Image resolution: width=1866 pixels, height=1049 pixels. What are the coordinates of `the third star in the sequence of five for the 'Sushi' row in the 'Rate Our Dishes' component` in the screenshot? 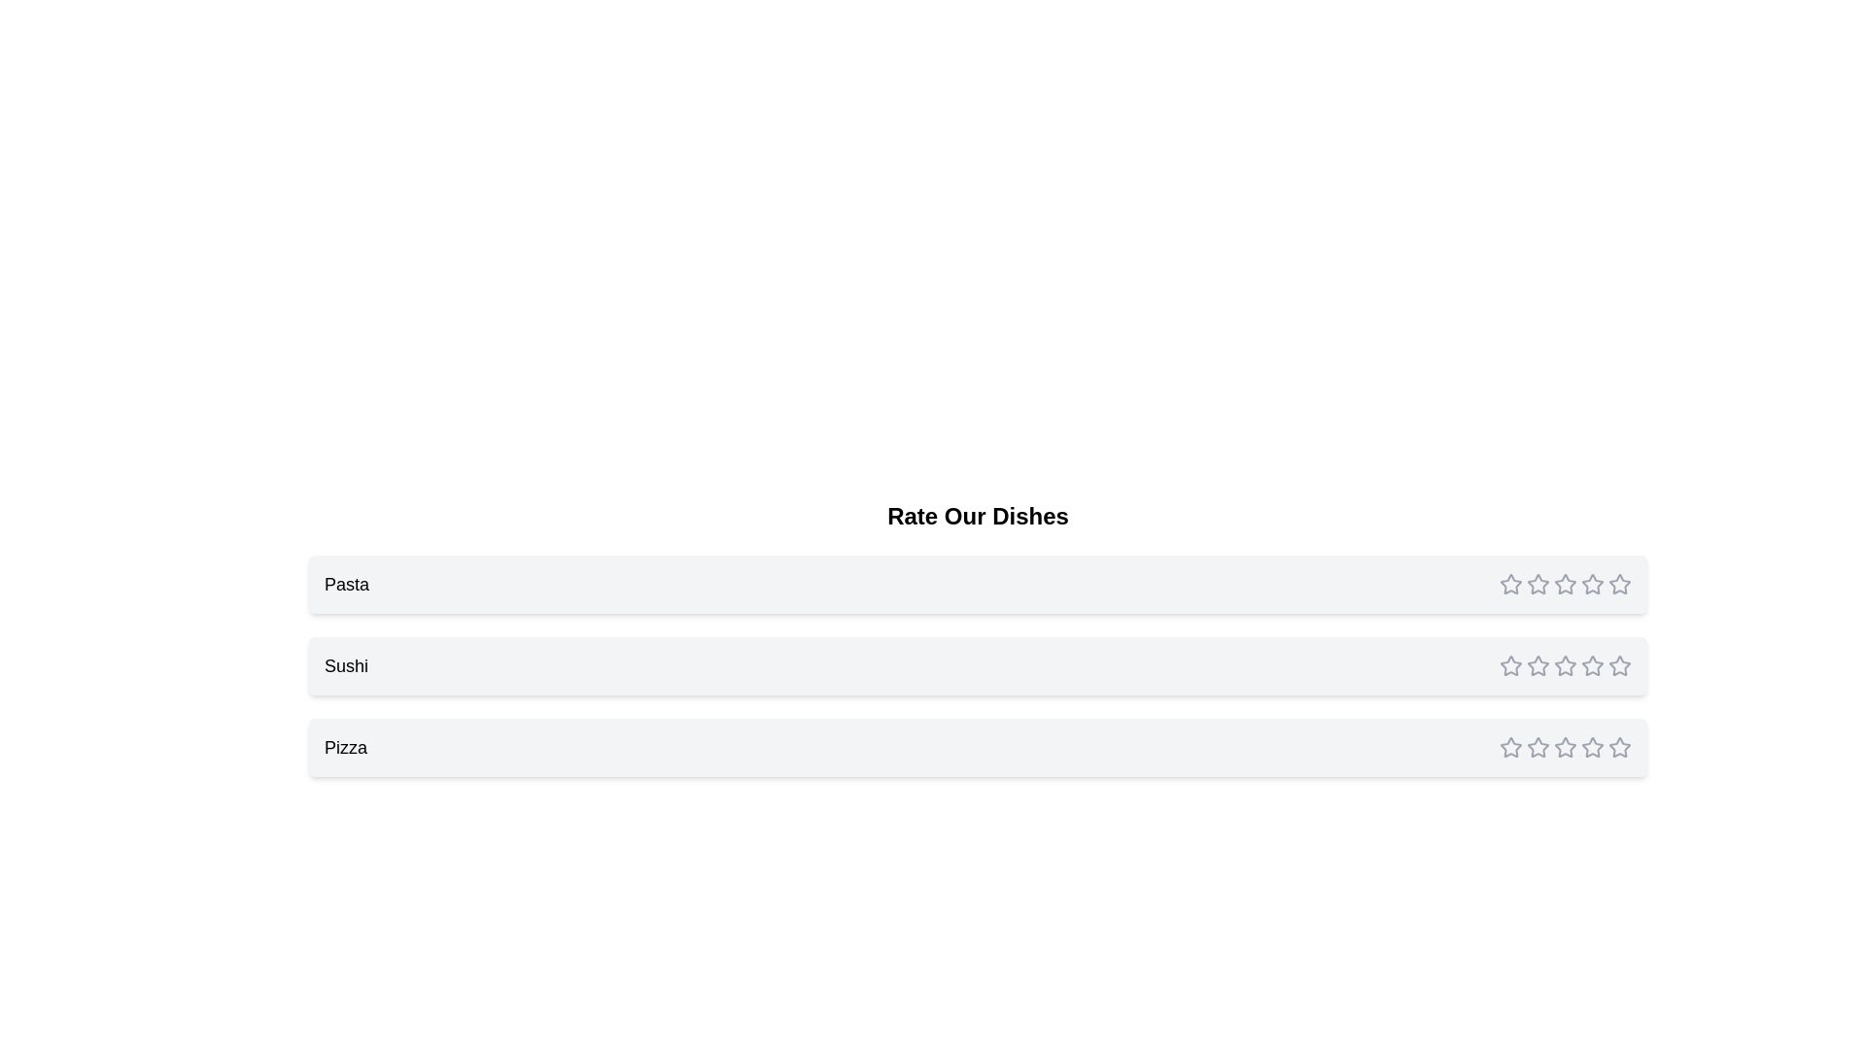 It's located at (1566, 665).